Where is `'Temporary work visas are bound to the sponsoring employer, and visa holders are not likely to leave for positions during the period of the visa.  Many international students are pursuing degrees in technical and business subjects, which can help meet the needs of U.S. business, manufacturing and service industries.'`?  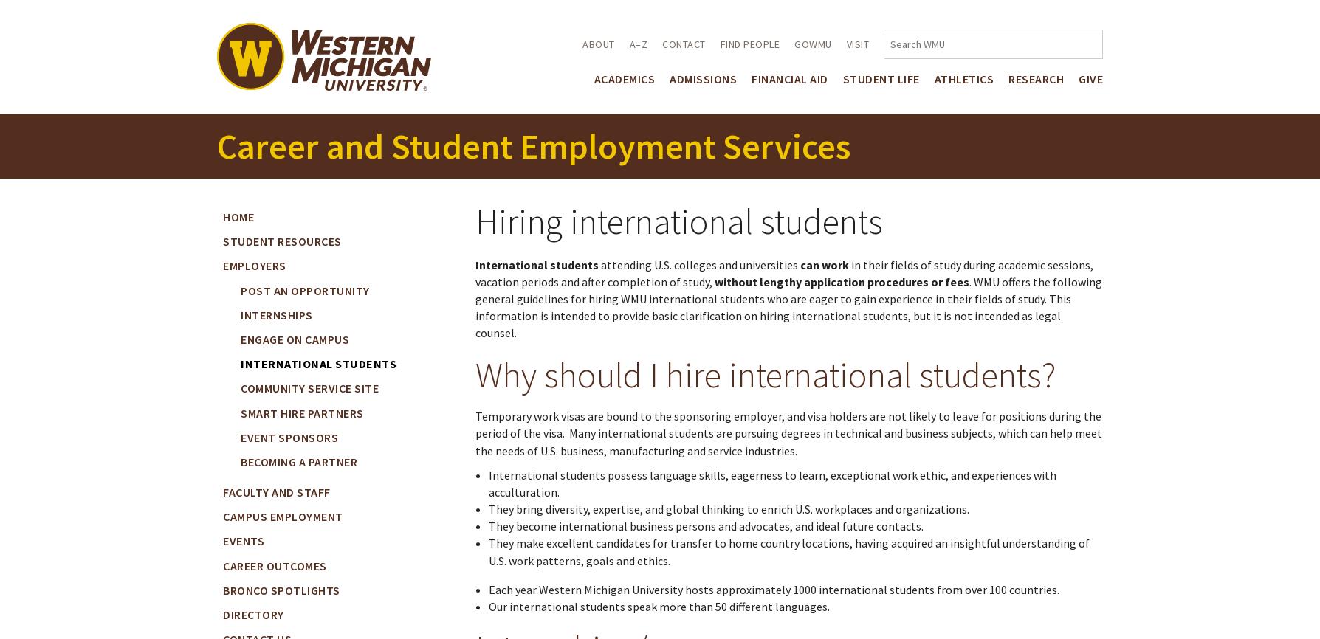
'Temporary work visas are bound to the sponsoring employer, and visa holders are not likely to leave for positions during the period of the visa.  Many international students are pursuing degrees in technical and business subjects, which can help meet the needs of U.S. business, manufacturing and service industries.' is located at coordinates (788, 432).